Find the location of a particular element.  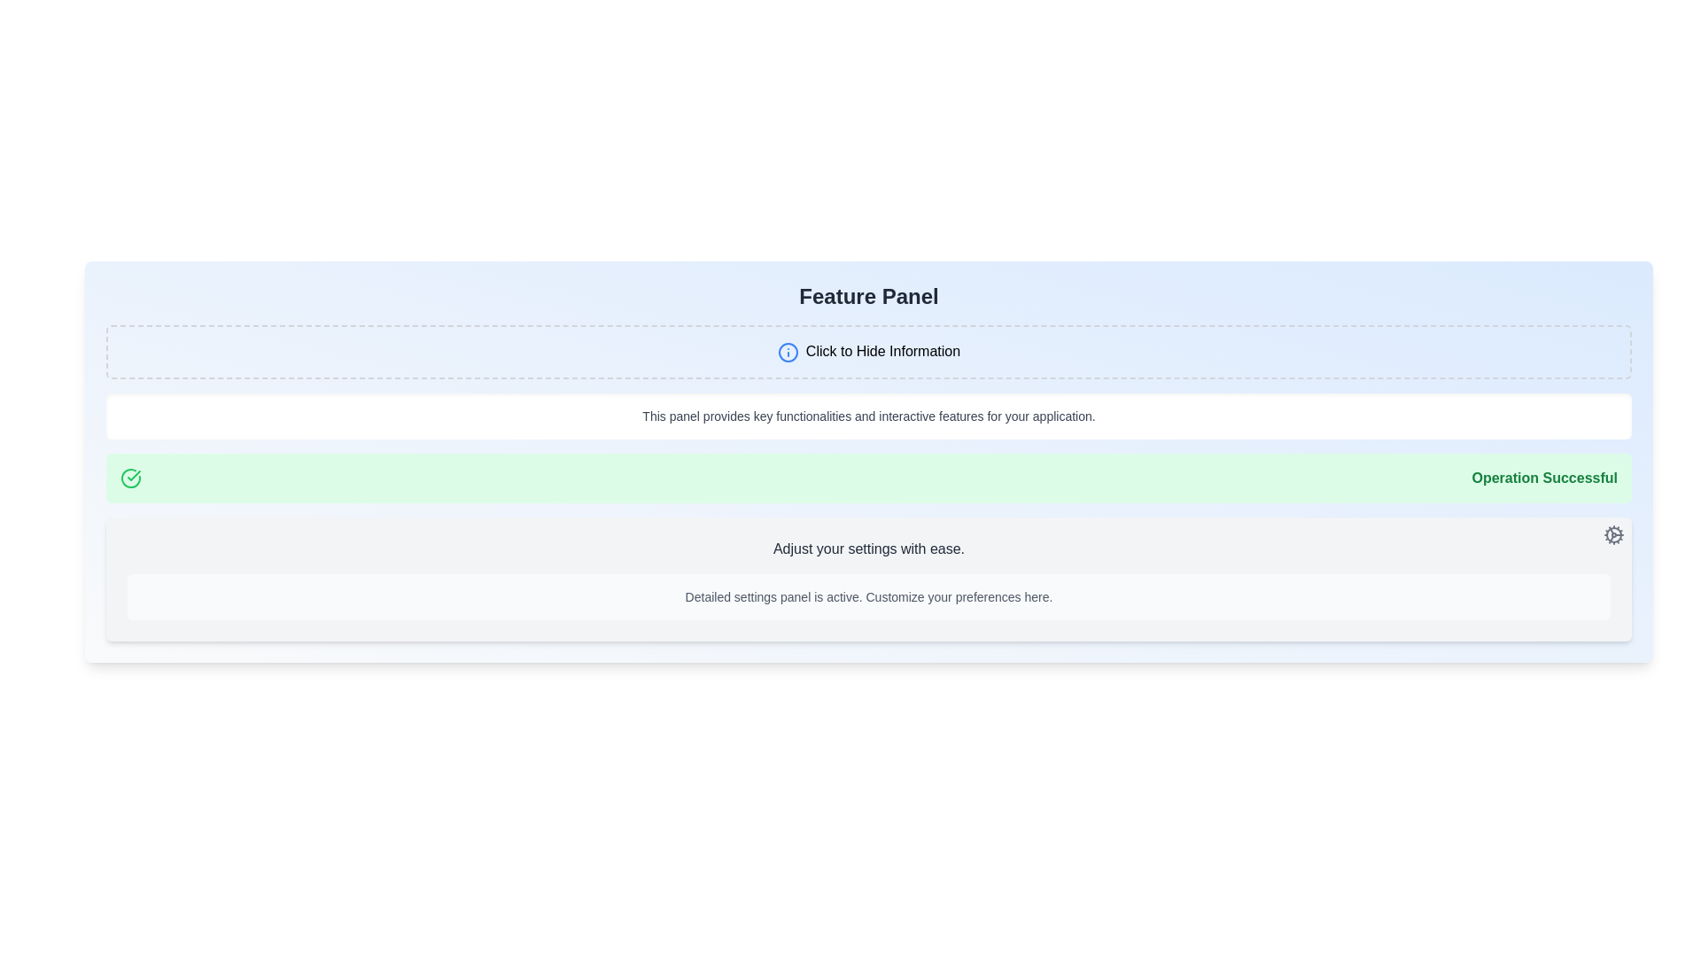

the button-like element with dashed borders and the text 'Click to Hide Information' is located at coordinates (868, 352).